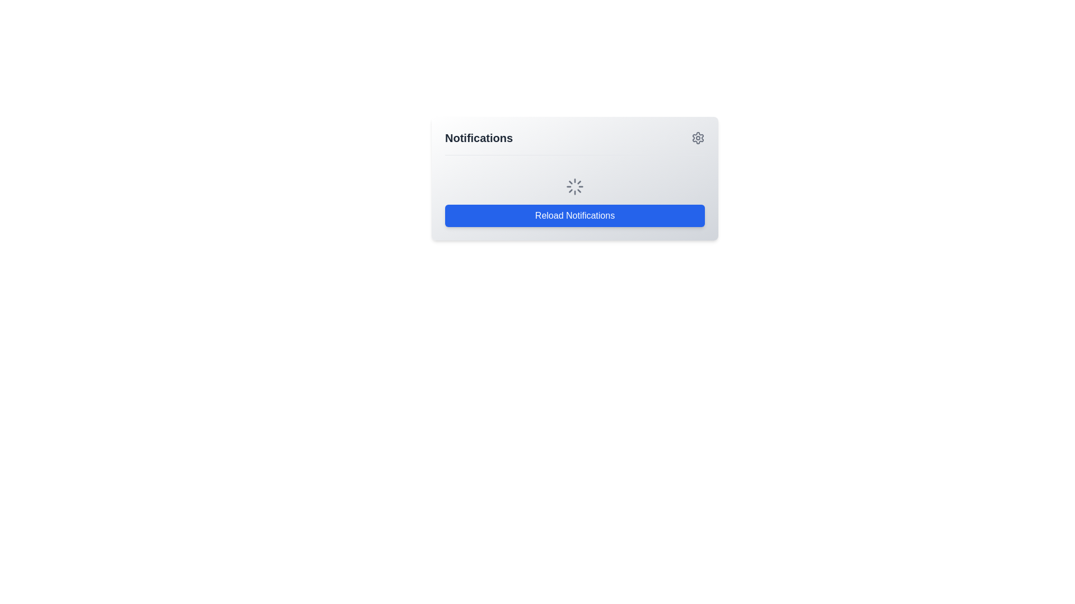  I want to click on the Settings icon, which resembles a gear and is located in the top-right corner next to the Notifications title, to trigger the hover effect that darkens its color, so click(698, 137).